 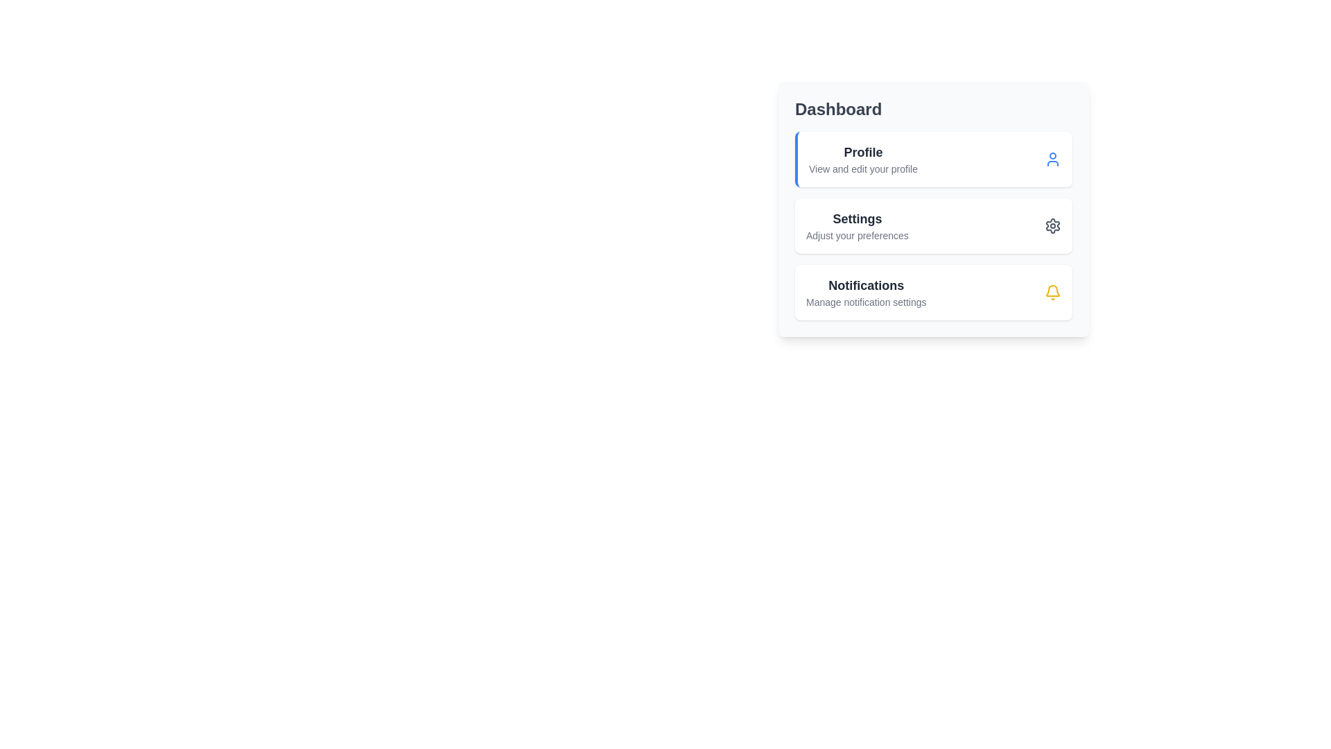 I want to click on the third clickable card in the vertical list of notification cards, so click(x=934, y=291).